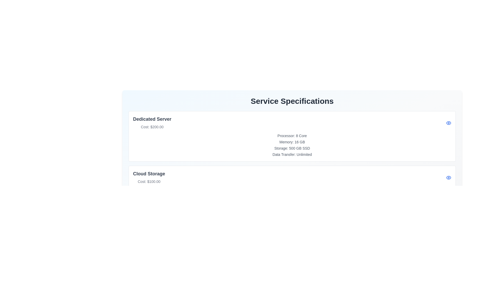  I want to click on information presented in the text block element displaying 'Dedicated Server' in bold and 'Cost: $200.00' in smaller gray font, located under 'Service Specifications', so click(152, 123).